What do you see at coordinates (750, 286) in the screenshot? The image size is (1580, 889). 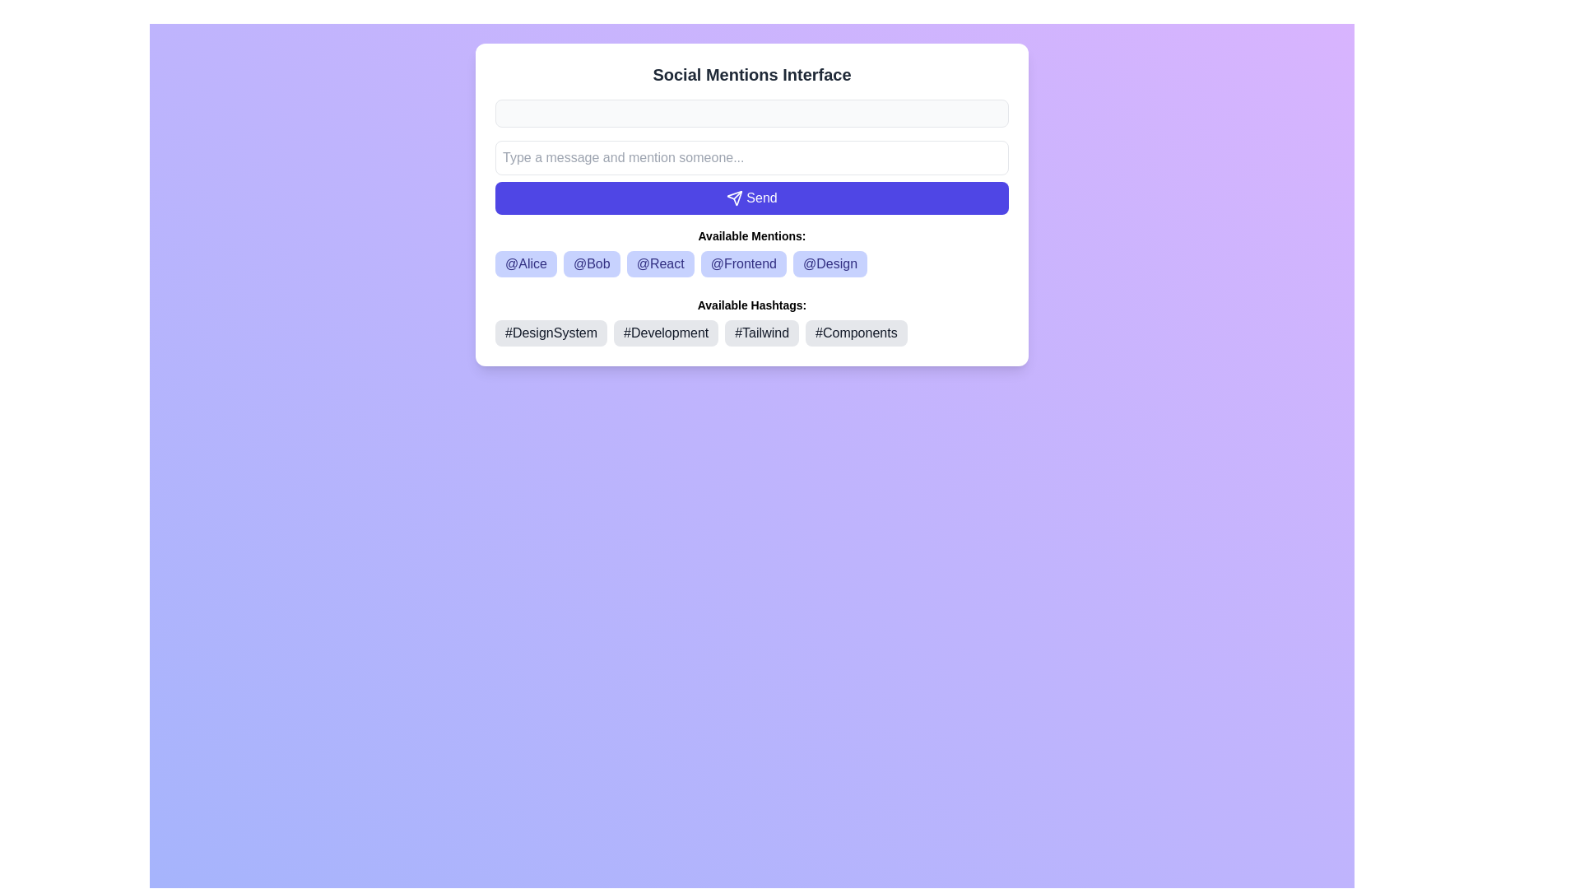 I see `the interactive section with grouped tags located in the 'Social Mentions Interface'` at bounding box center [750, 286].